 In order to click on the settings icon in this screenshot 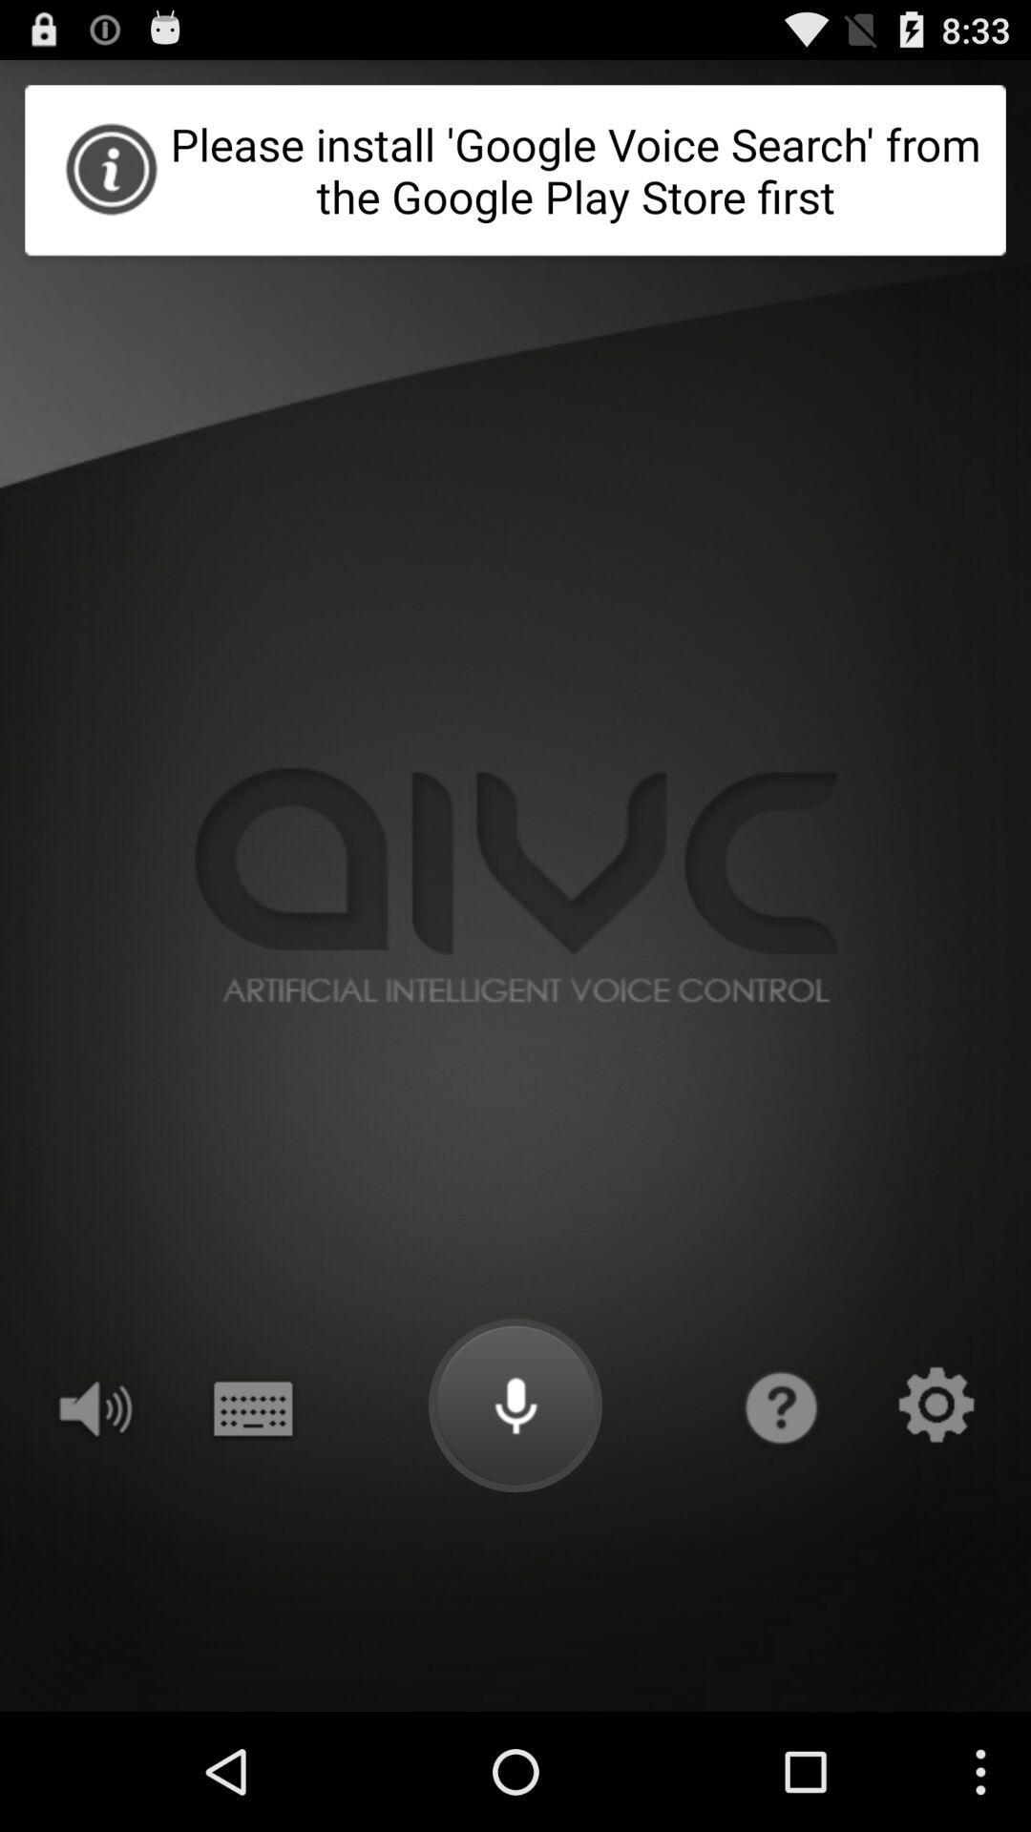, I will do `click(936, 1503)`.